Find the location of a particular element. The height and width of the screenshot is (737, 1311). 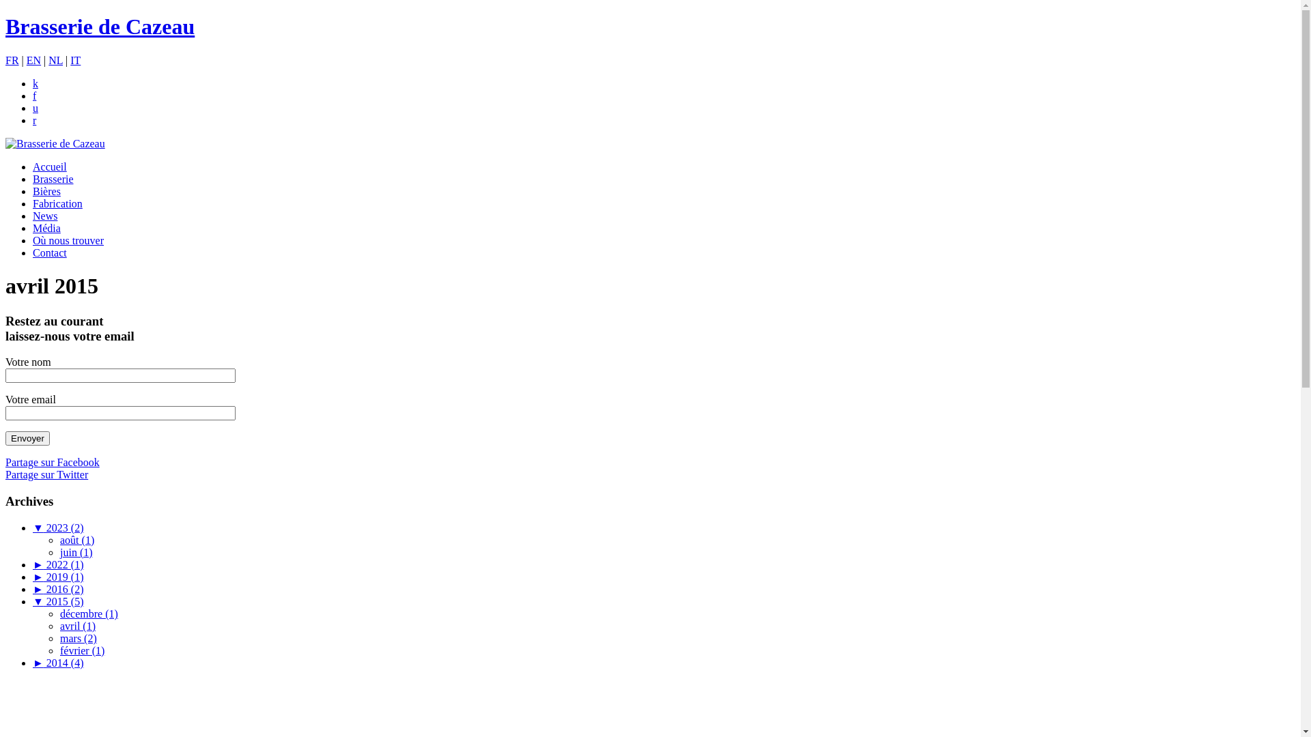

'Brasserie de Cazeau' is located at coordinates (55, 143).